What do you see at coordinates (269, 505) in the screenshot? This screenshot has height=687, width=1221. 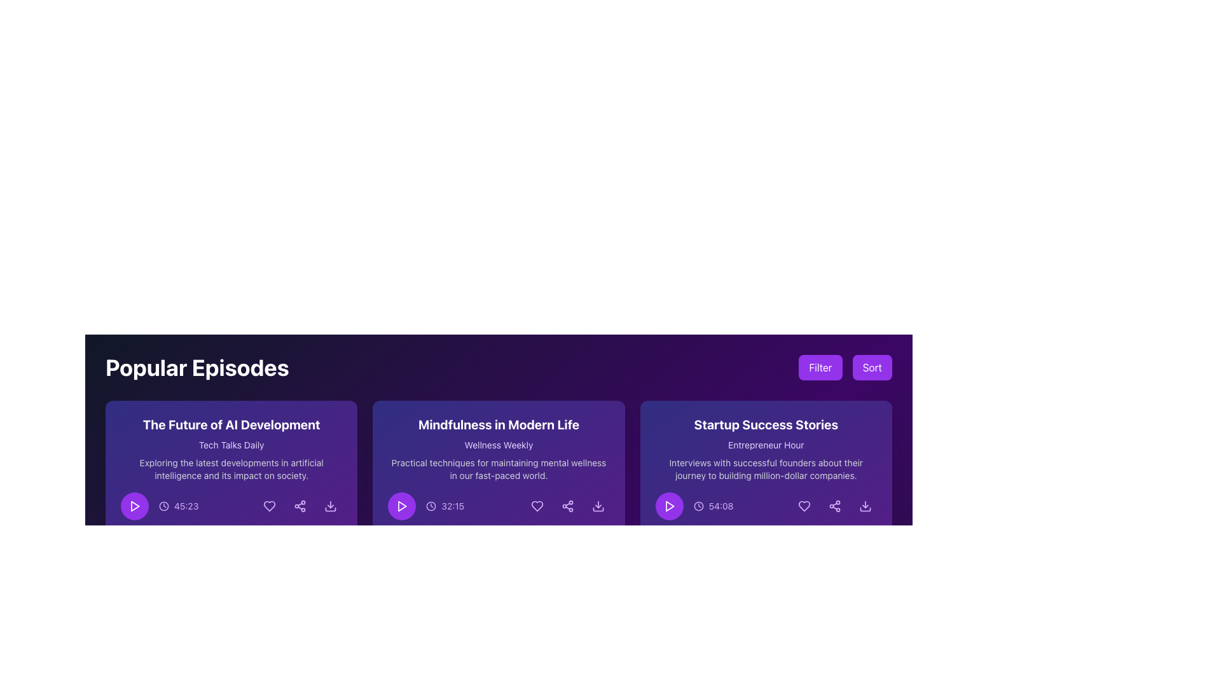 I see `the heart-shaped icon button styled in light purple, located within a darker purple circular button, below 'The Future of AI Development' section in the first card of the horizontal list` at bounding box center [269, 505].